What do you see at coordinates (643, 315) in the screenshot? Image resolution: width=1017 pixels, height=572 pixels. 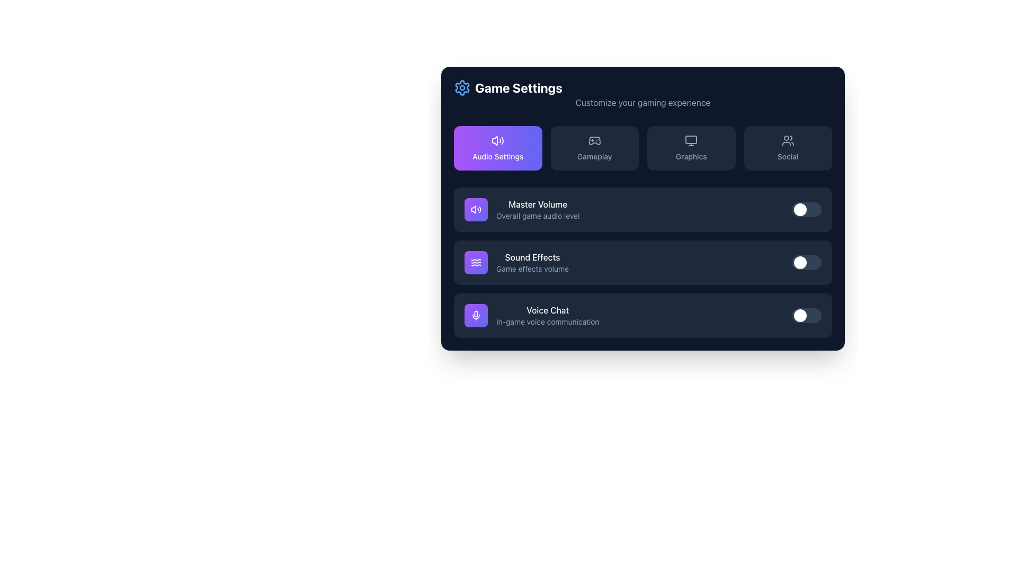 I see `the 'Voice Chat' toggle in the Audio Settings panel` at bounding box center [643, 315].